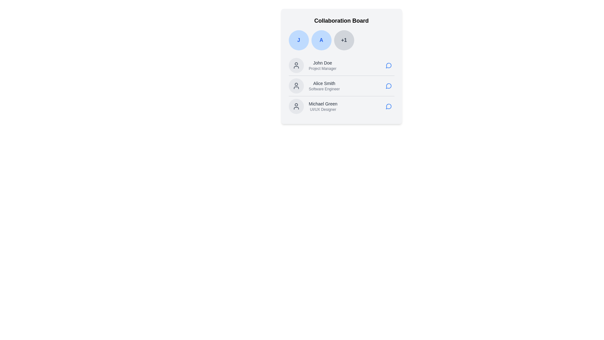 The width and height of the screenshot is (604, 340). What do you see at coordinates (321, 40) in the screenshot?
I see `the Avatar or representative badge labeled 'A', which is the second of three horizontally arranged components in the top section of the interface` at bounding box center [321, 40].